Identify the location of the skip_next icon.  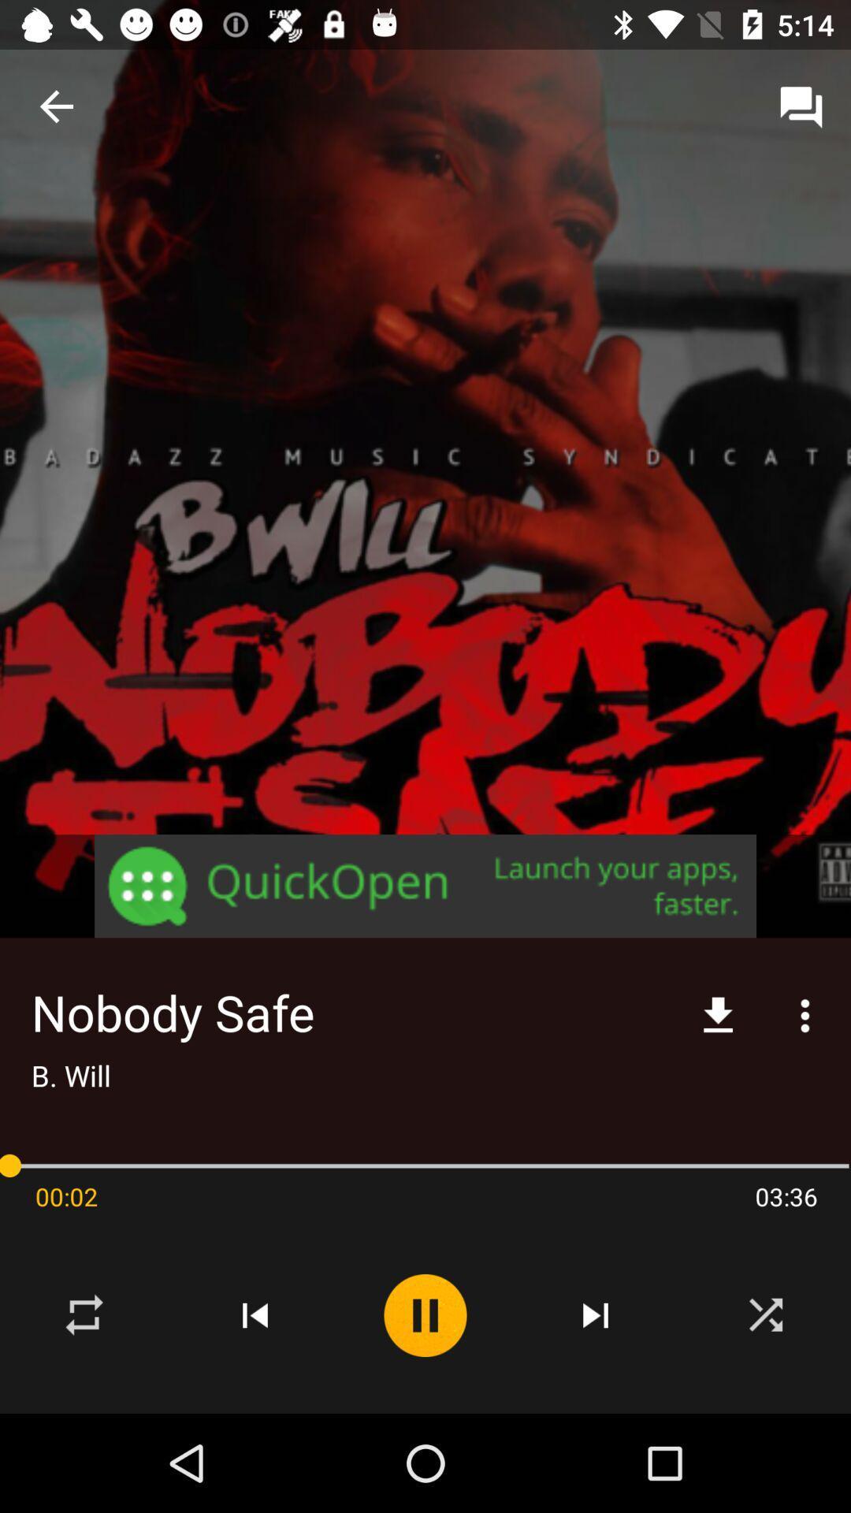
(596, 1315).